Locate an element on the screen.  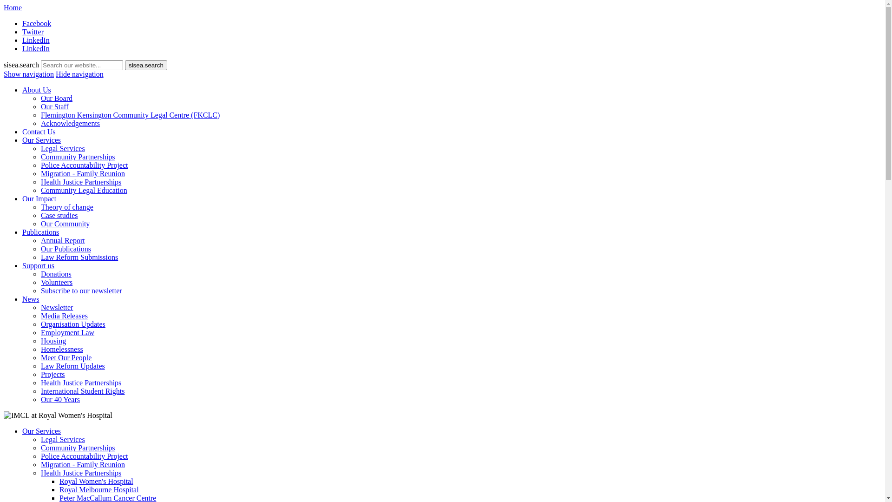
'Legal Services' is located at coordinates (62, 439).